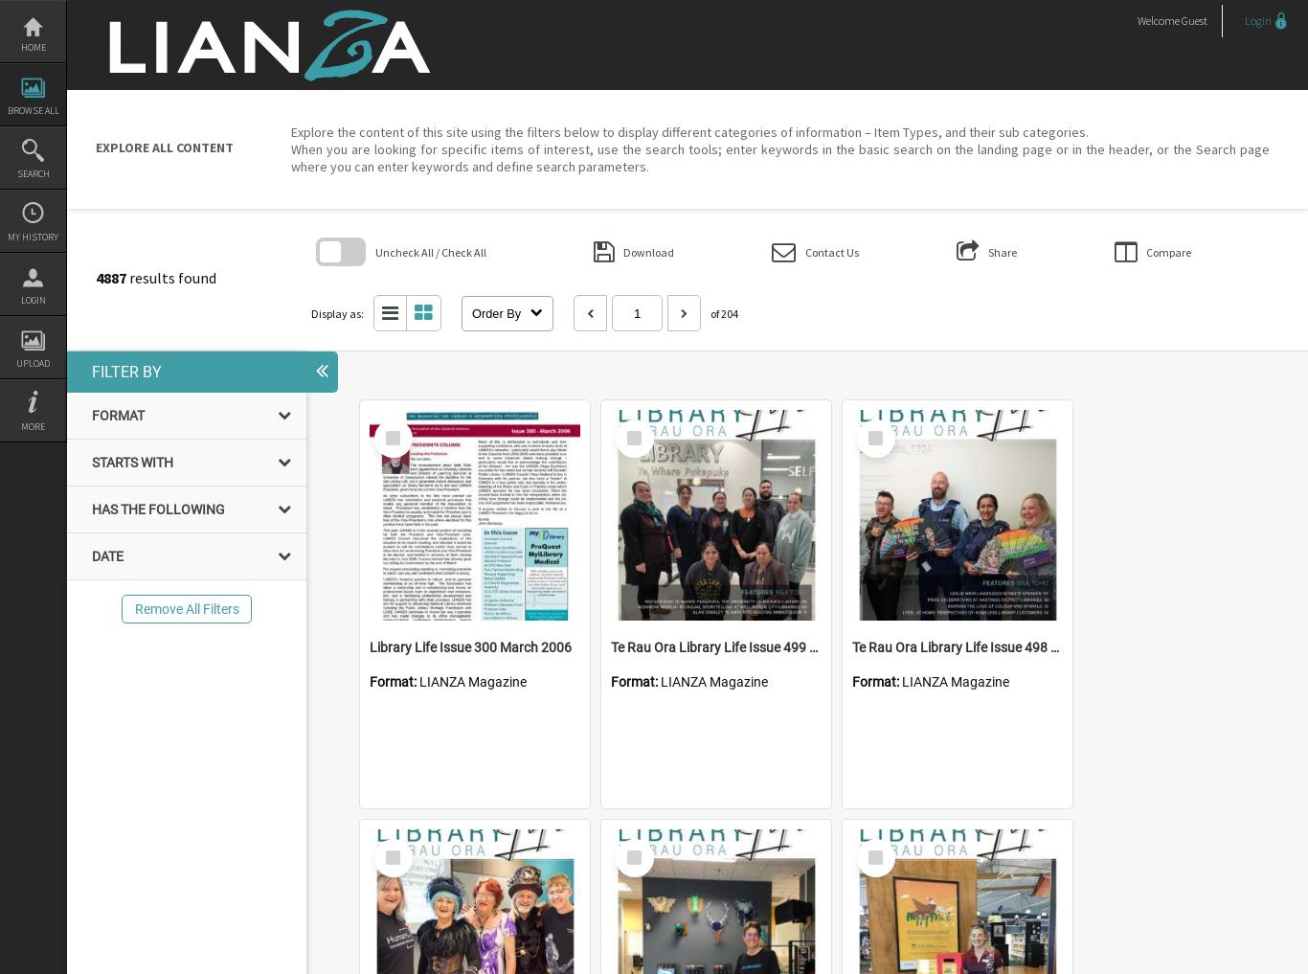 The height and width of the screenshot is (974, 1308). Describe the element at coordinates (133, 609) in the screenshot. I see `'Remove All Filters'` at that location.